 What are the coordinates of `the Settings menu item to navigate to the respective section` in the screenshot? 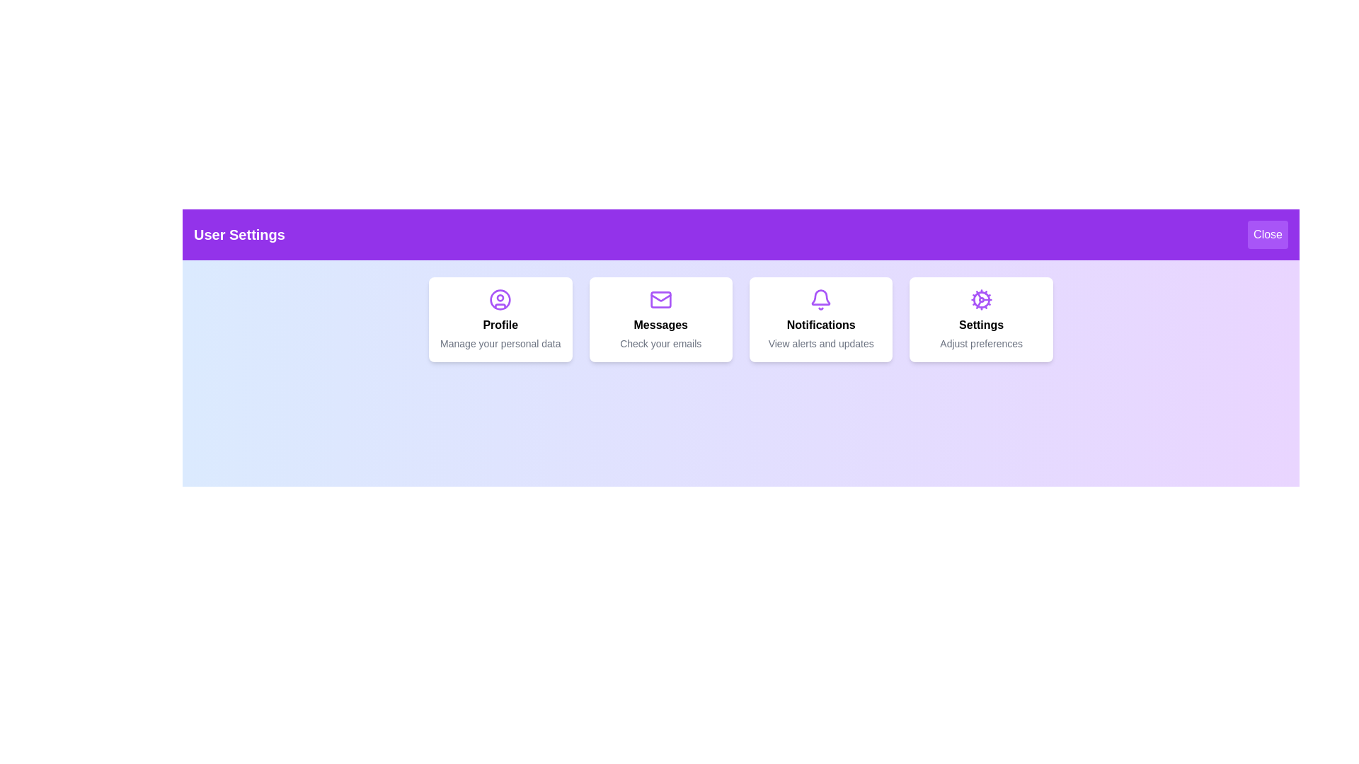 It's located at (980, 319).